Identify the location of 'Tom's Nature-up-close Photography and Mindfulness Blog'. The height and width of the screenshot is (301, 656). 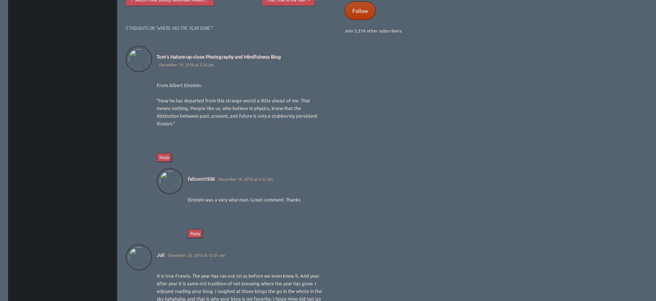
(219, 56).